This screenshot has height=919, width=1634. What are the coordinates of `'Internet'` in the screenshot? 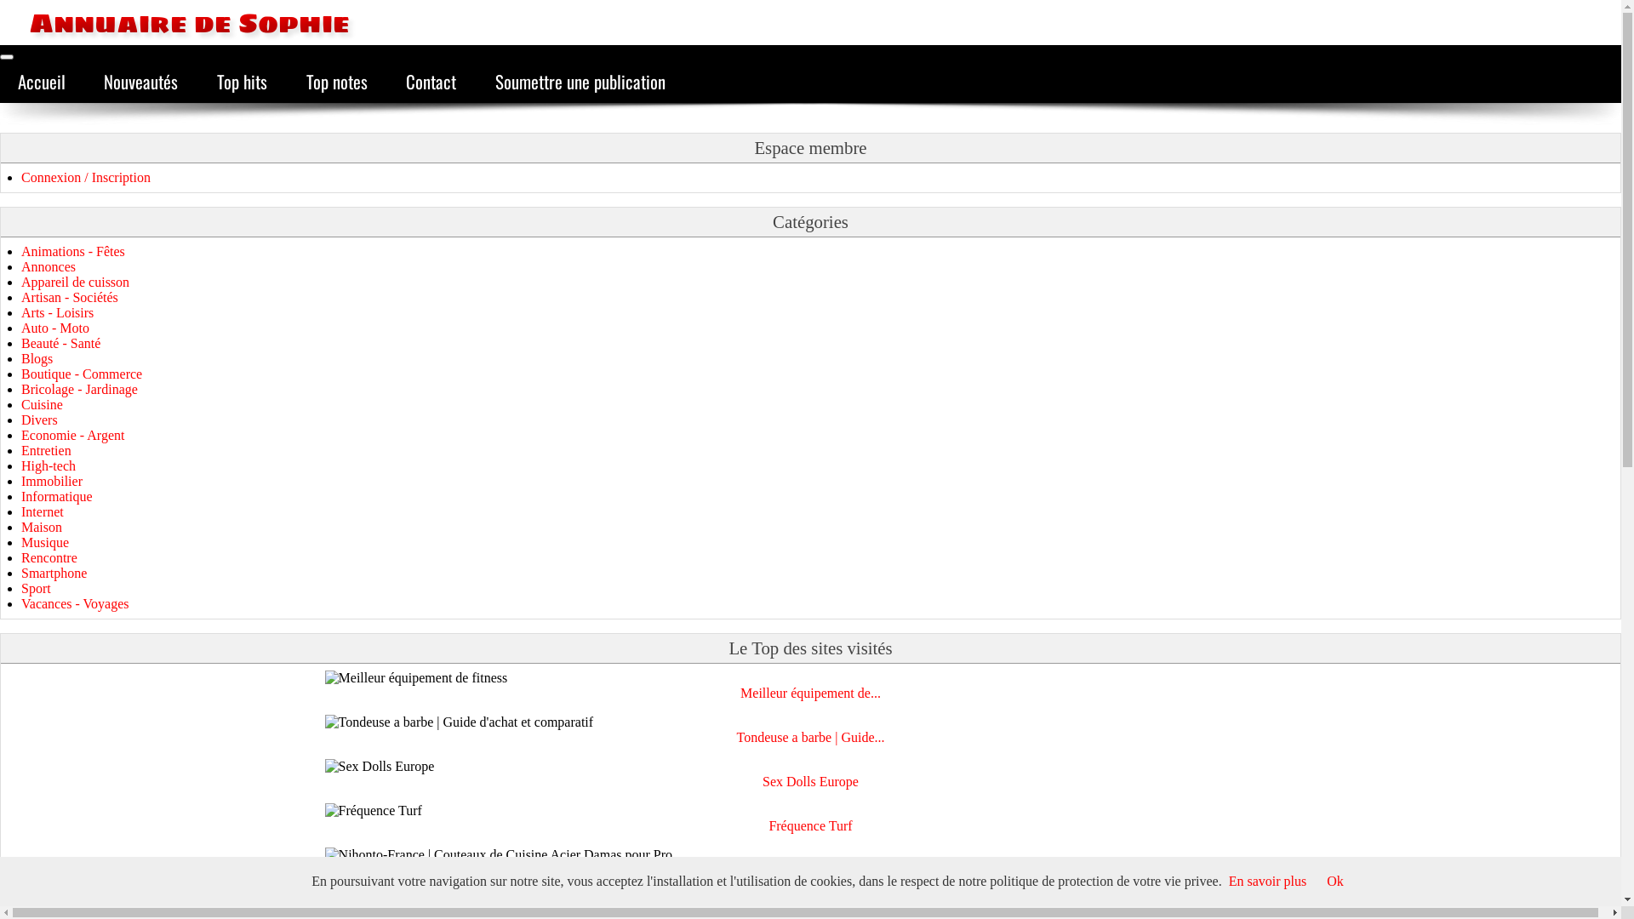 It's located at (42, 511).